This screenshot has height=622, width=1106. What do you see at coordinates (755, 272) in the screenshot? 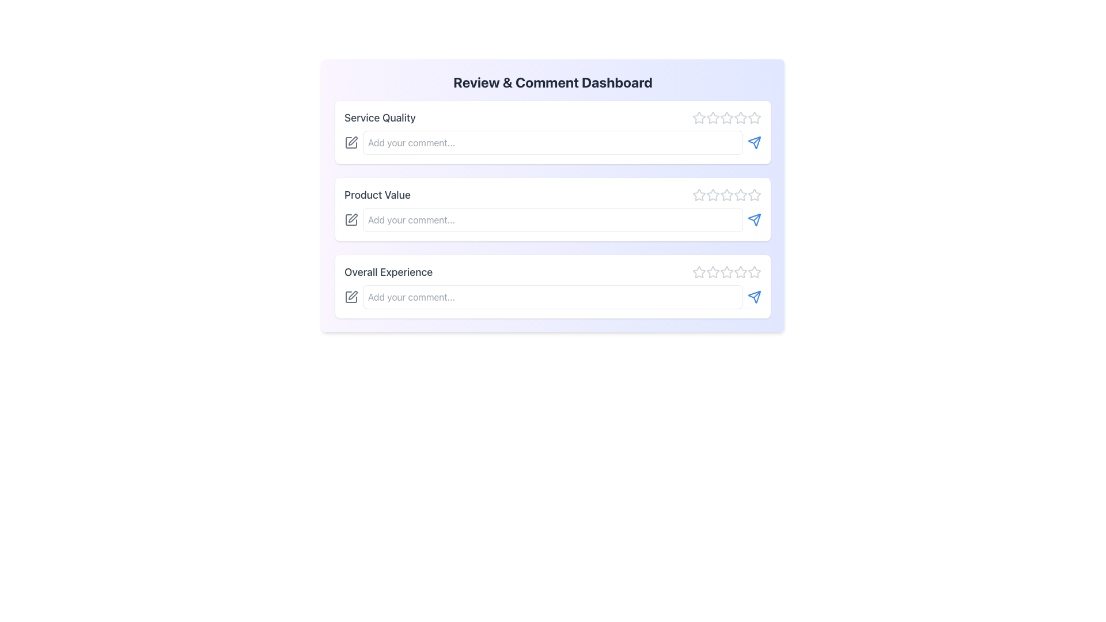
I see `the fifth star in the rating interface to indicate a 5-star rating for the Overall Experience` at bounding box center [755, 272].